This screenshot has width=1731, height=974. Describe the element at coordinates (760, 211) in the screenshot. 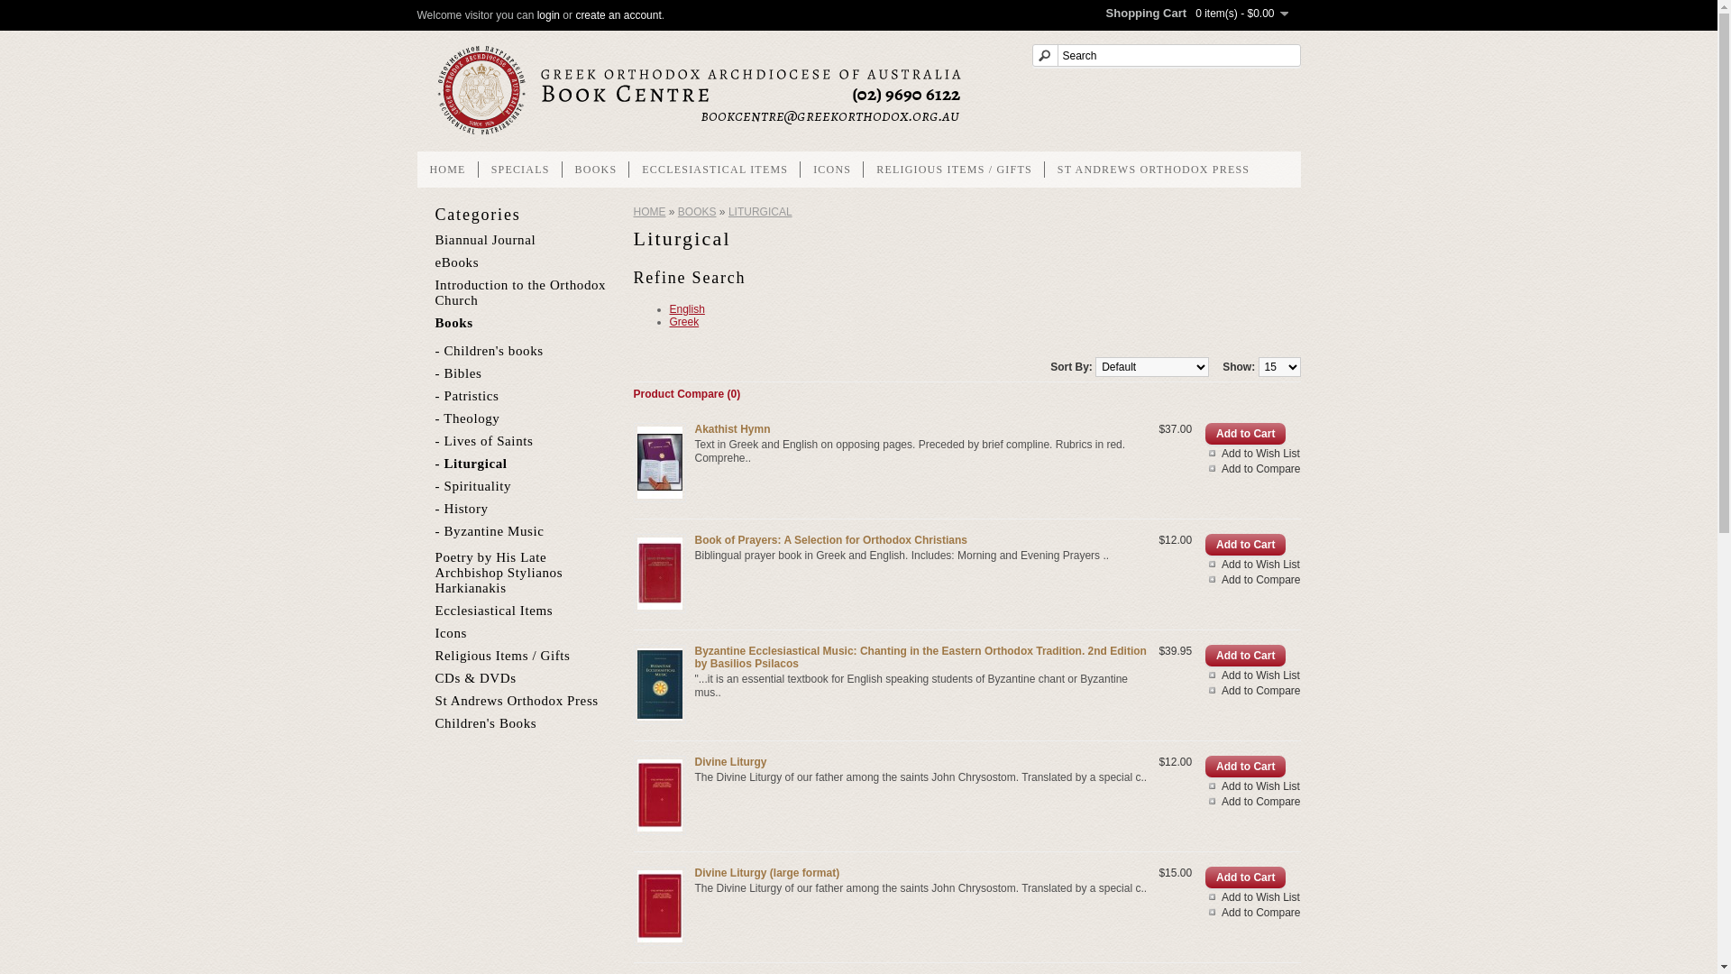

I see `'LITURGICAL'` at that location.